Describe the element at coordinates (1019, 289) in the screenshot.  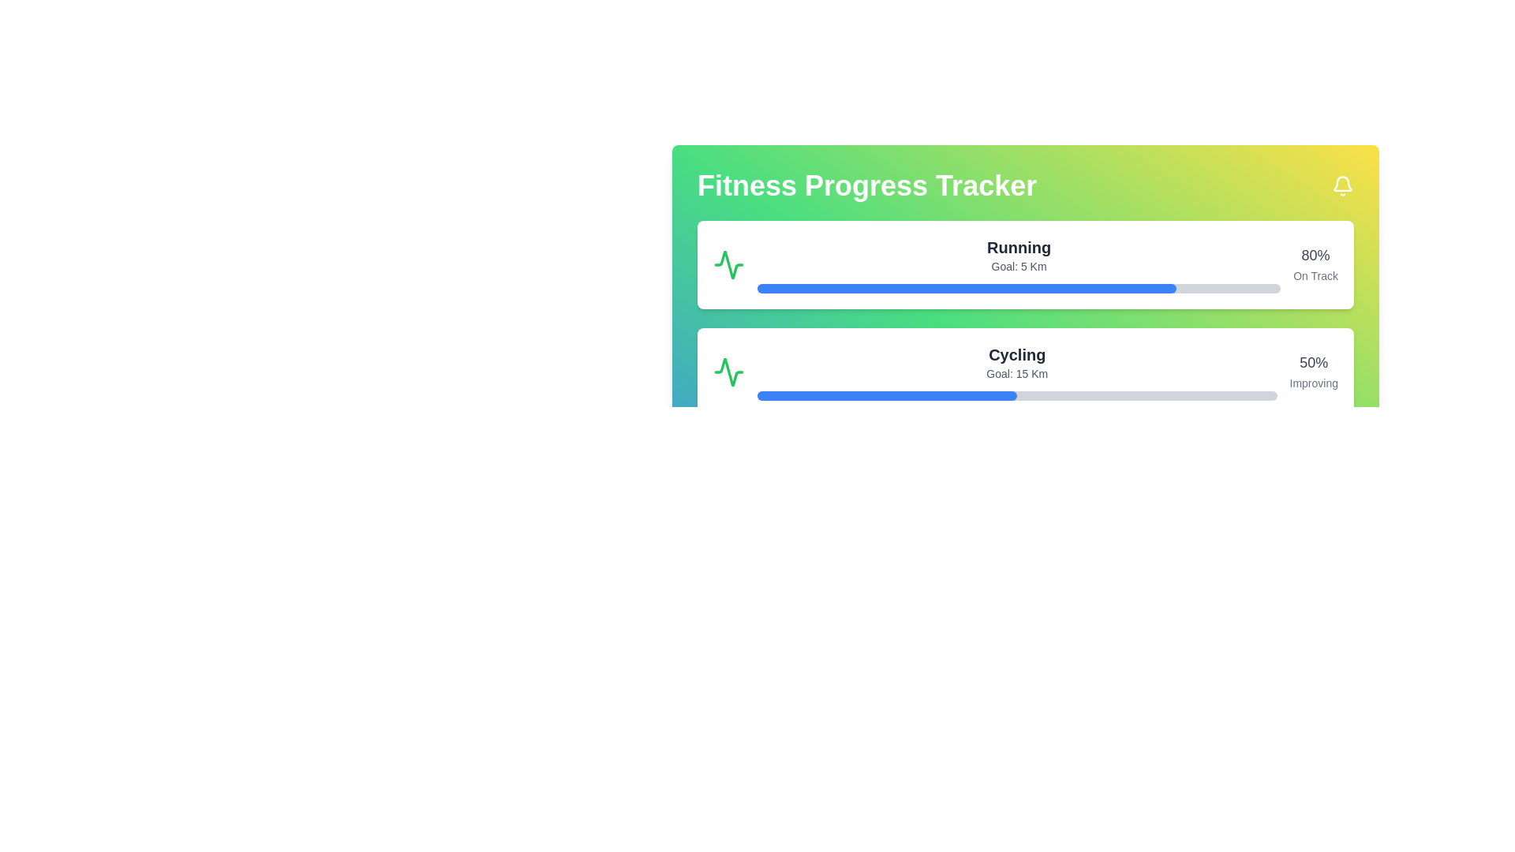
I see `the progress visually on the progress bar located at the bottom of the 'Running' section beneath the text 'Goal: 5 Km'` at that location.